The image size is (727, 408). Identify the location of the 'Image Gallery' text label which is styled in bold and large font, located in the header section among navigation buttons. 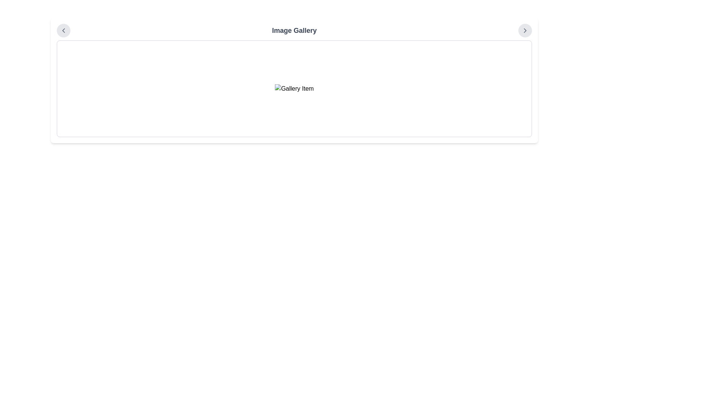
(294, 30).